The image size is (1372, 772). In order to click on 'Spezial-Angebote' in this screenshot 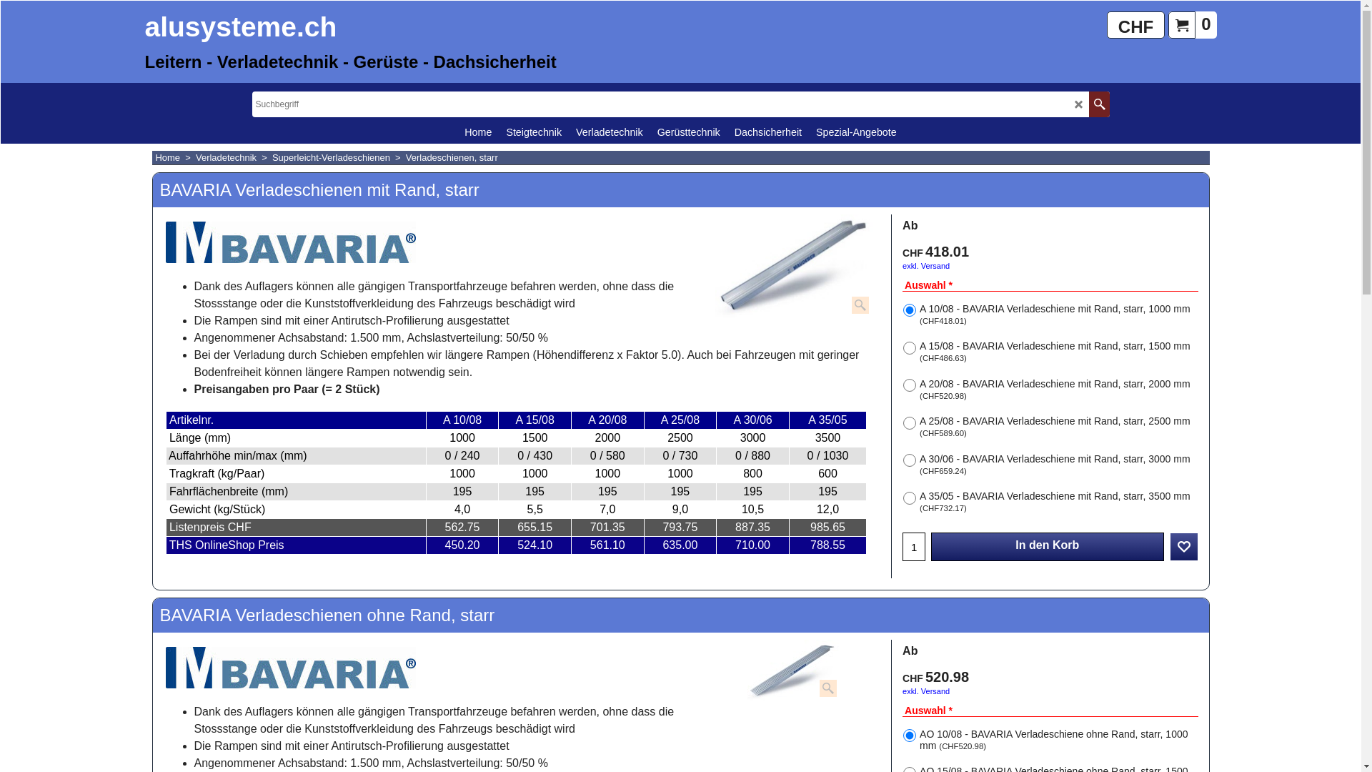, I will do `click(856, 132)`.